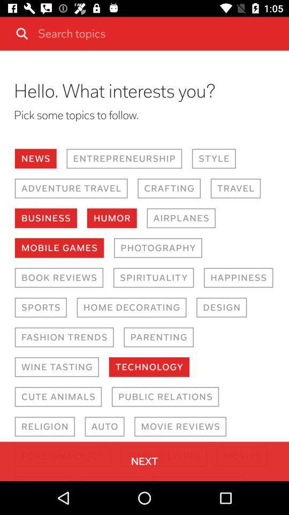 This screenshot has width=289, height=515. I want to click on item to the right of the spirituality, so click(238, 277).